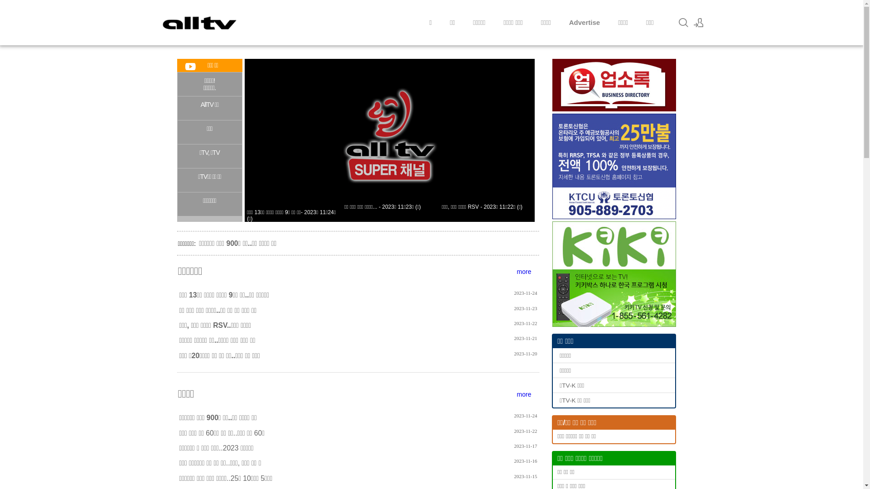 The width and height of the screenshot is (870, 489). I want to click on 'Advertise', so click(585, 22).